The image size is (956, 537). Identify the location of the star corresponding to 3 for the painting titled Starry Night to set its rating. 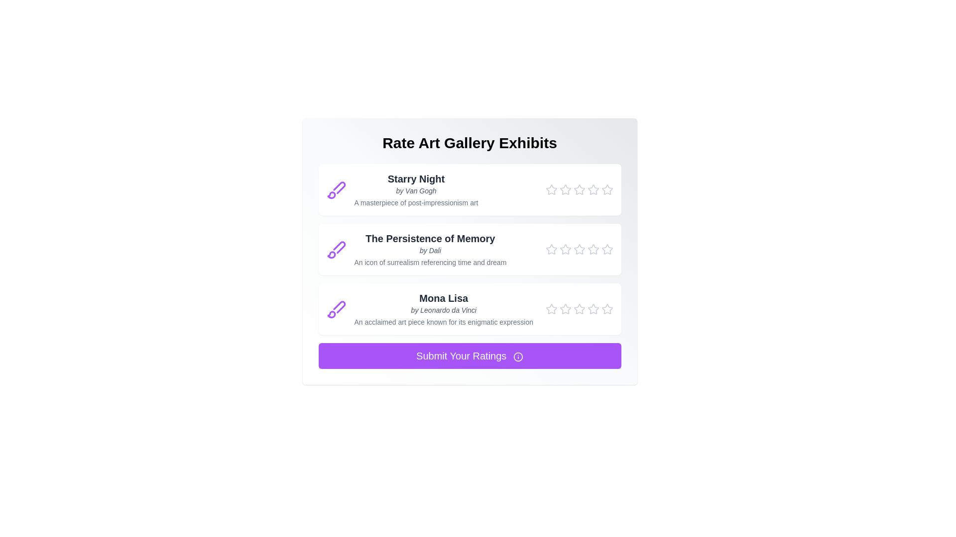
(579, 189).